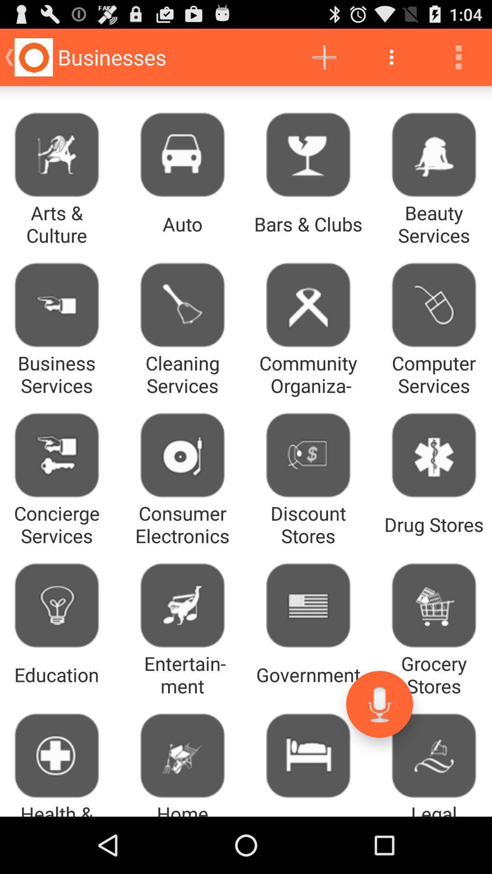 The width and height of the screenshot is (492, 874). Describe the element at coordinates (379, 704) in the screenshot. I see `the icon to the right of the entertainment icon` at that location.